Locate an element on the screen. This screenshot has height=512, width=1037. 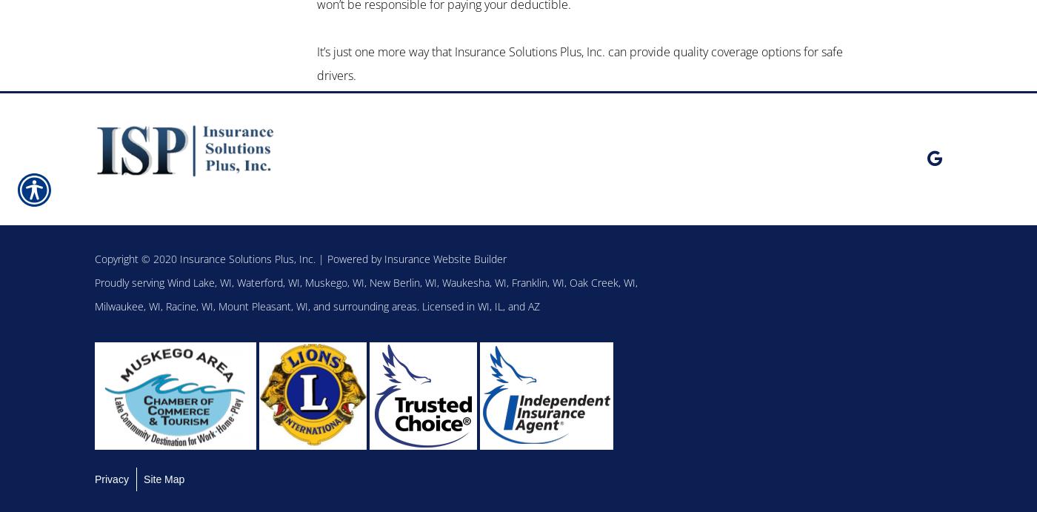
'Muskego, WI,' is located at coordinates (337, 281).